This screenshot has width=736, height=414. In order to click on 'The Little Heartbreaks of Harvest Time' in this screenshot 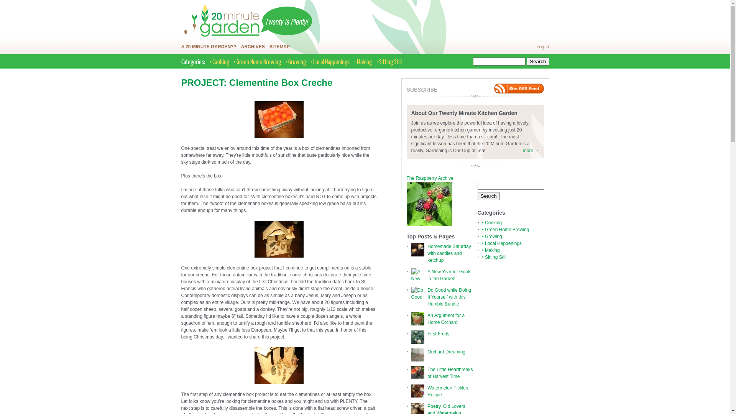, I will do `click(450, 372)`.